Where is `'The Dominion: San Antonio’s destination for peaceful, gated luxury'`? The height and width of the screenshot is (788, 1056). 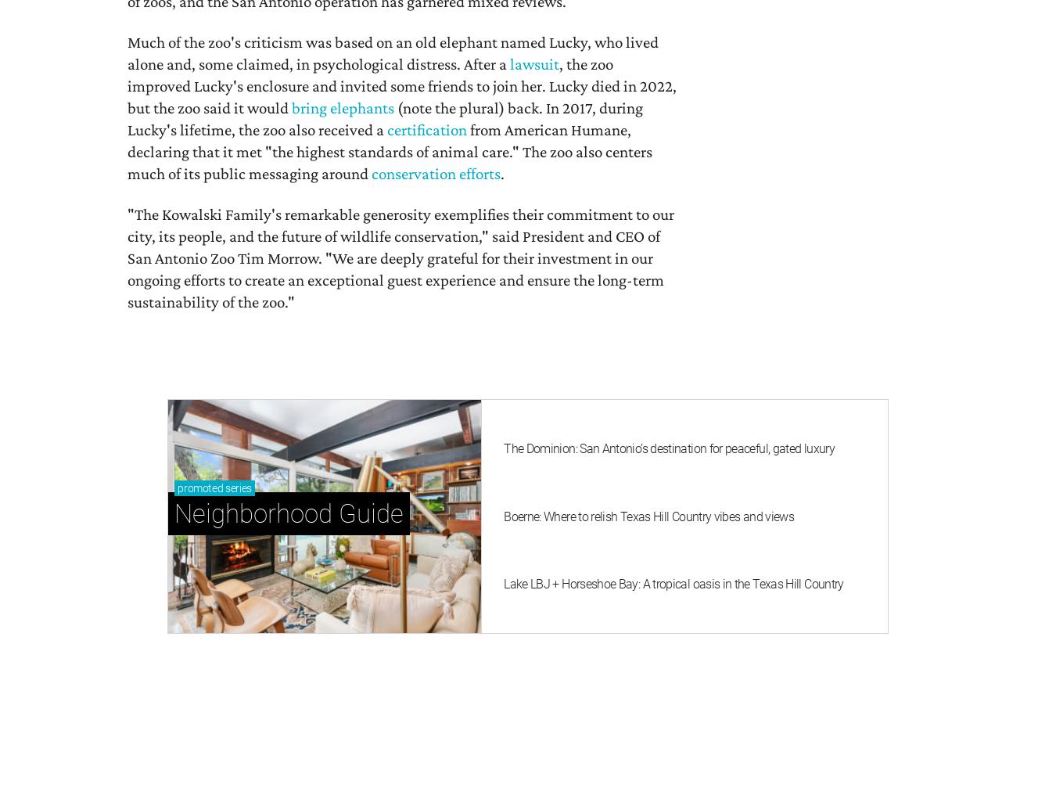
'The Dominion: San Antonio’s destination for peaceful, gated luxury' is located at coordinates (503, 447).